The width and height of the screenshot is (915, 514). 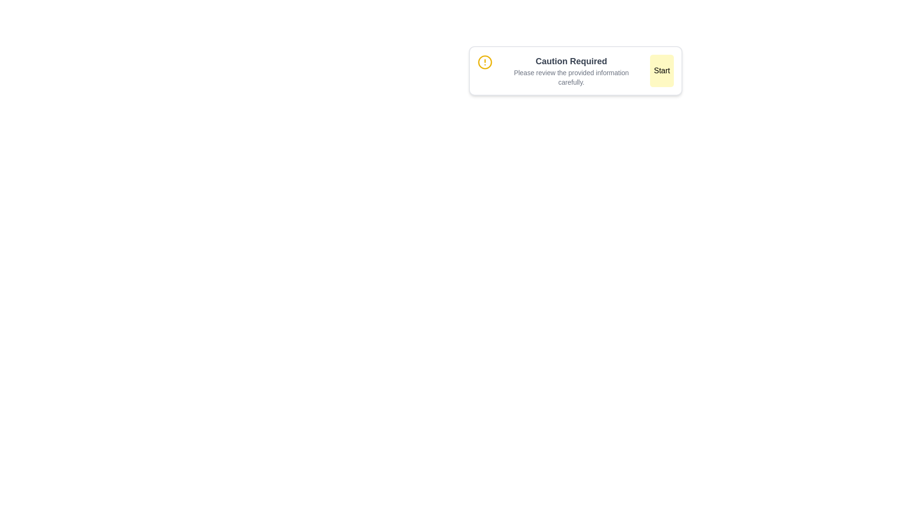 I want to click on the static text displaying 'Please review the provided information carefully', which is located beneath the bold heading 'Caution Required', so click(x=571, y=77).